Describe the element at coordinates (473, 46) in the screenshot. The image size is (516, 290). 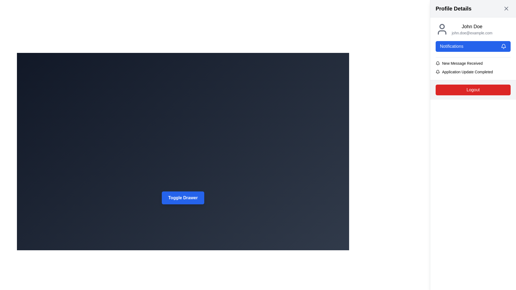
I see `the button located in the Profile Details sidebar below the user information section` at that location.